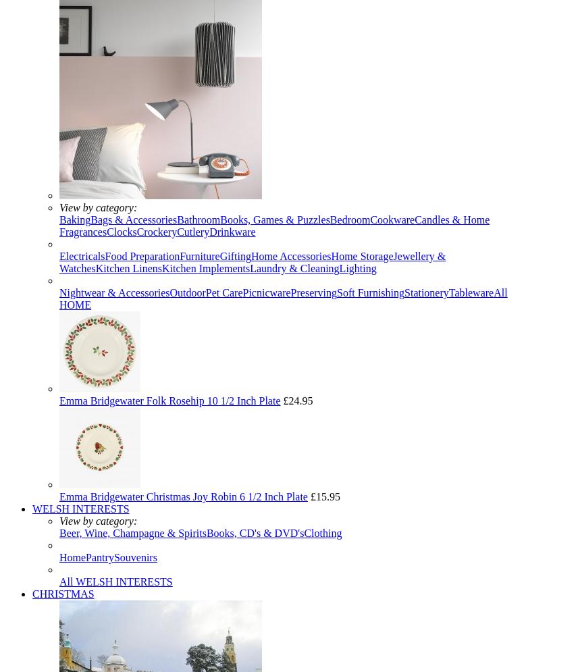 The height and width of the screenshot is (672, 578). Describe the element at coordinates (141, 255) in the screenshot. I see `'Food Preparation'` at that location.